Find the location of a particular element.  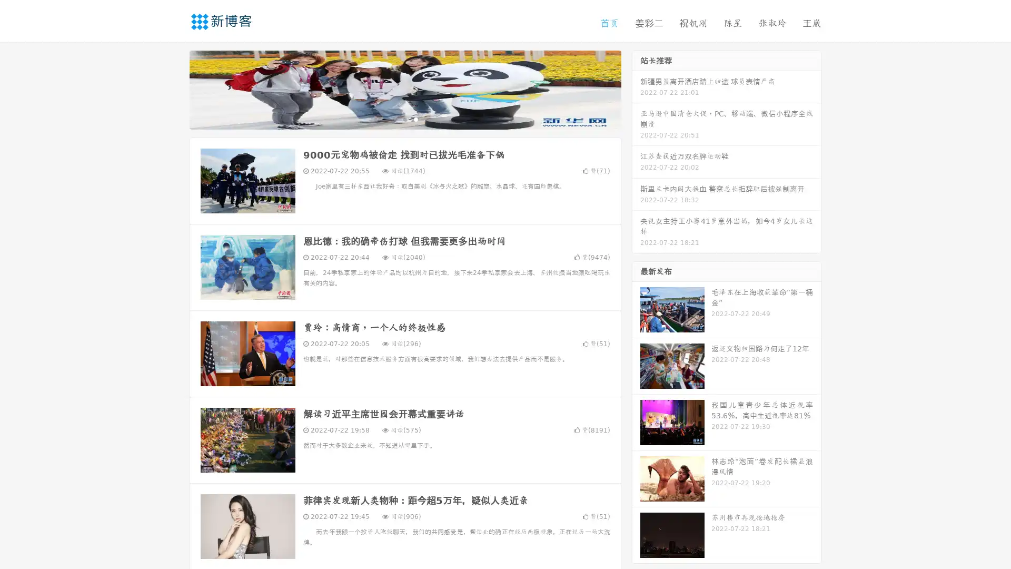

Go to slide 1 is located at coordinates (394, 119).